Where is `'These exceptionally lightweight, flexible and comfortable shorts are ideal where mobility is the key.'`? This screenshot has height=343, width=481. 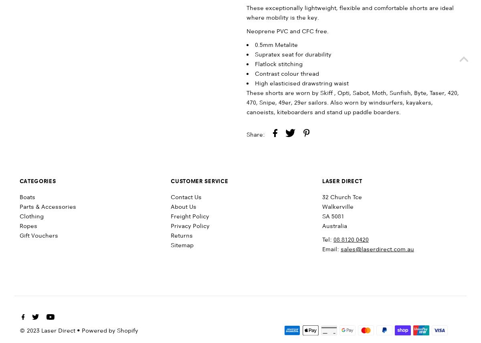
'These exceptionally lightweight, flexible and comfortable shorts are ideal where mobility is the key.' is located at coordinates (350, 13).